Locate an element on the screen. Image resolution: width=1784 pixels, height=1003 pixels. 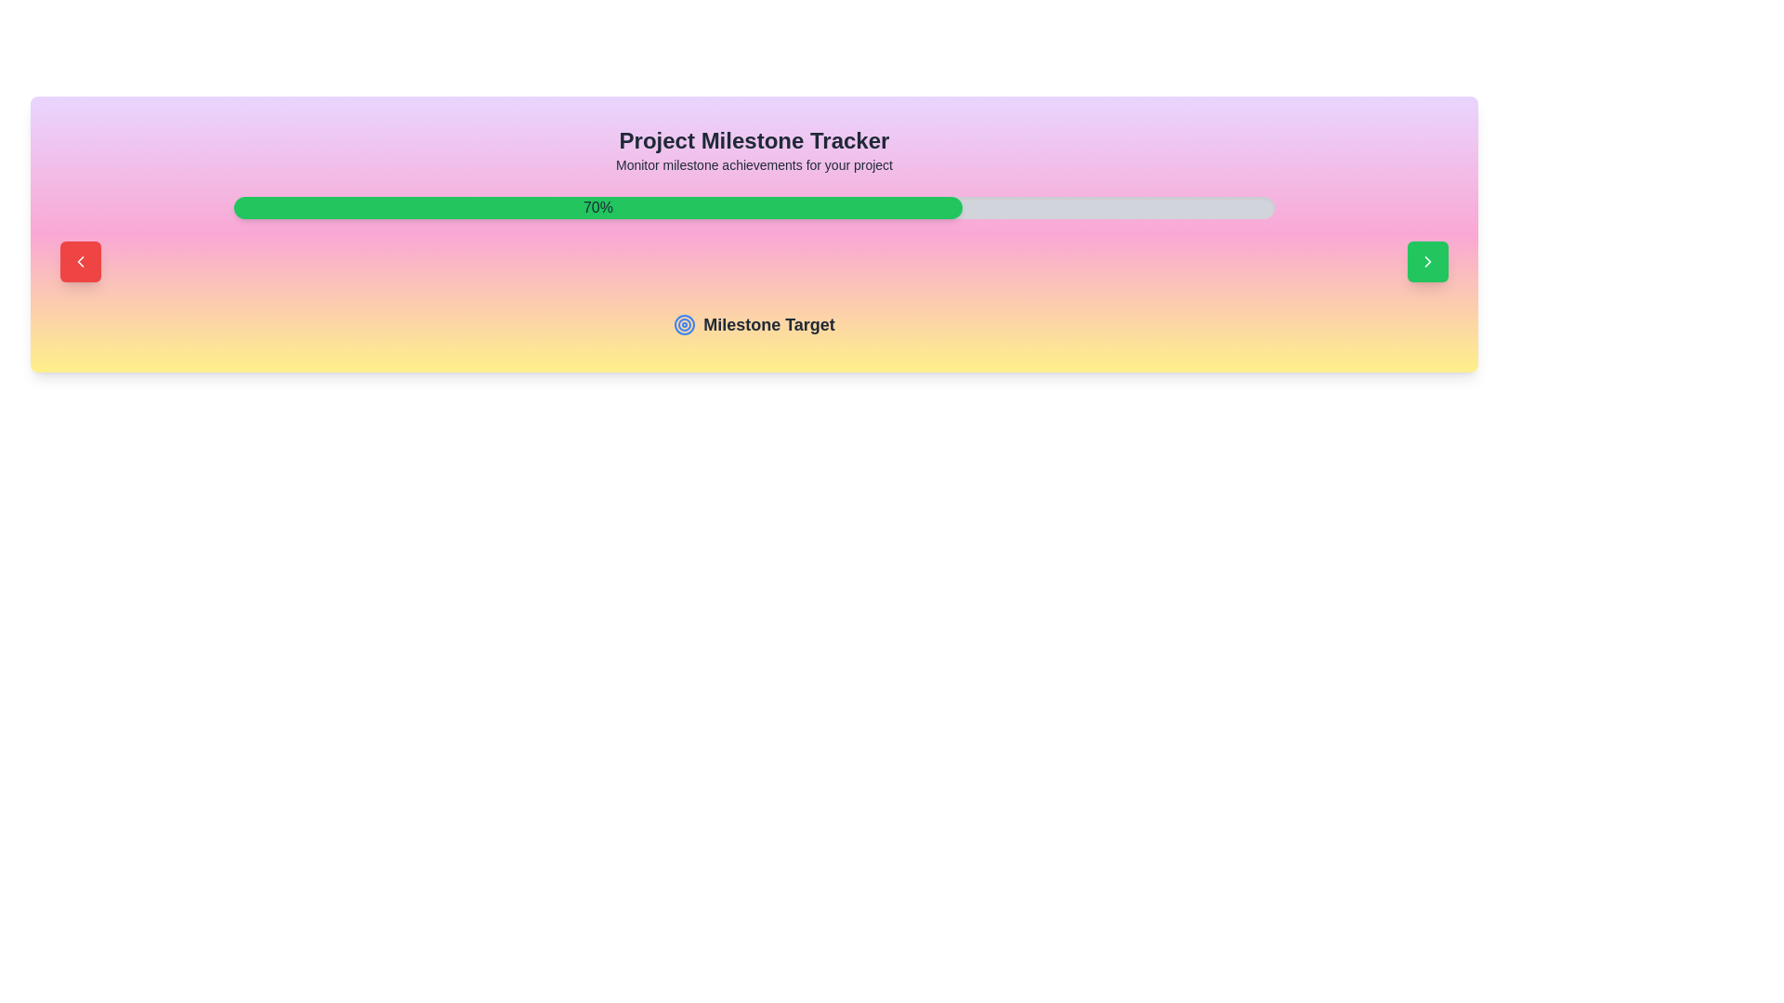
the square green button with rounded corners and a white arrow icon pointing to the right, located at the far right of the horizontal bar is located at coordinates (1426, 261).